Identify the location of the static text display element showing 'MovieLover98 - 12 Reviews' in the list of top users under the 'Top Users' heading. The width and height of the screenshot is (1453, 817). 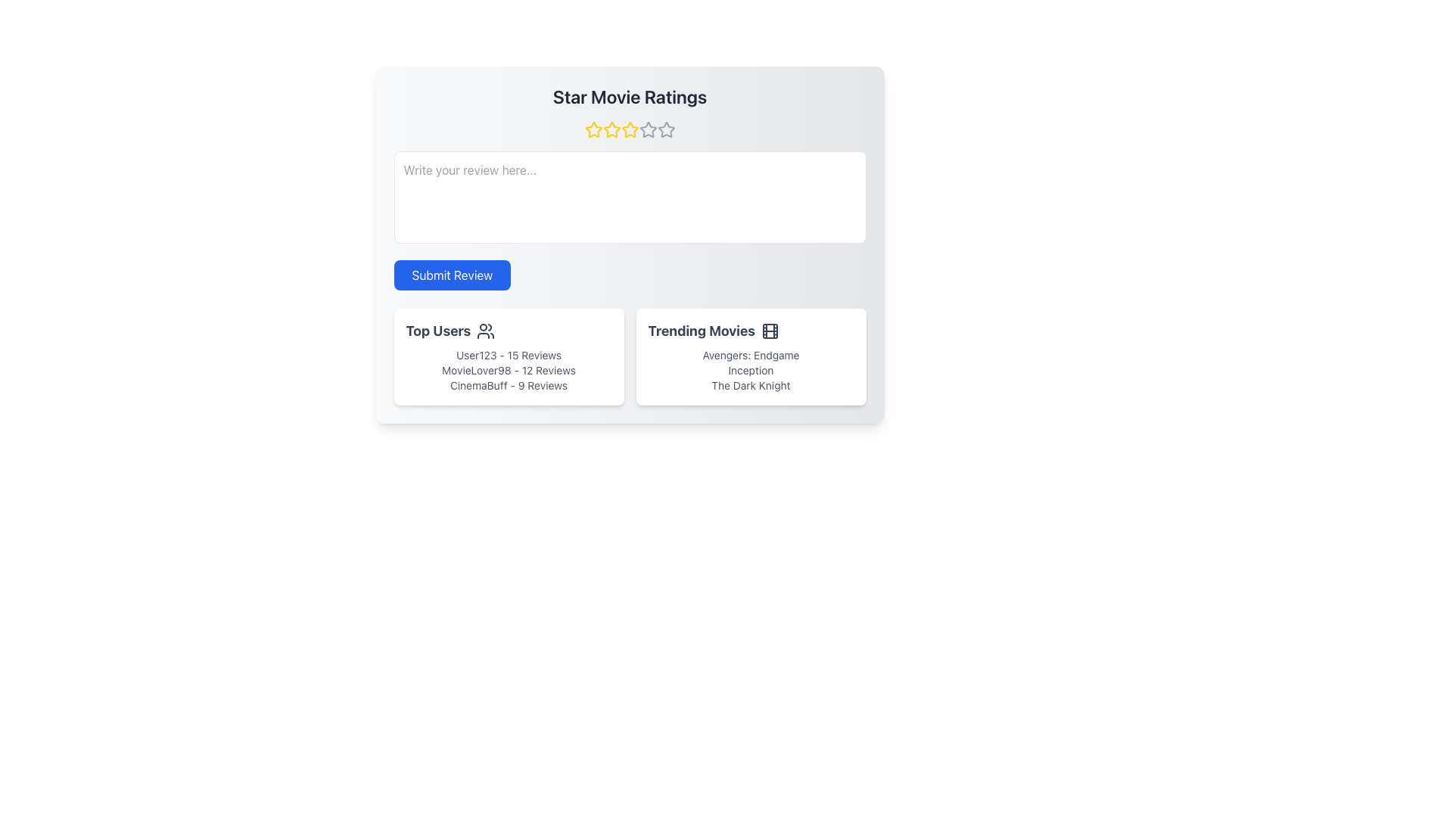
(509, 370).